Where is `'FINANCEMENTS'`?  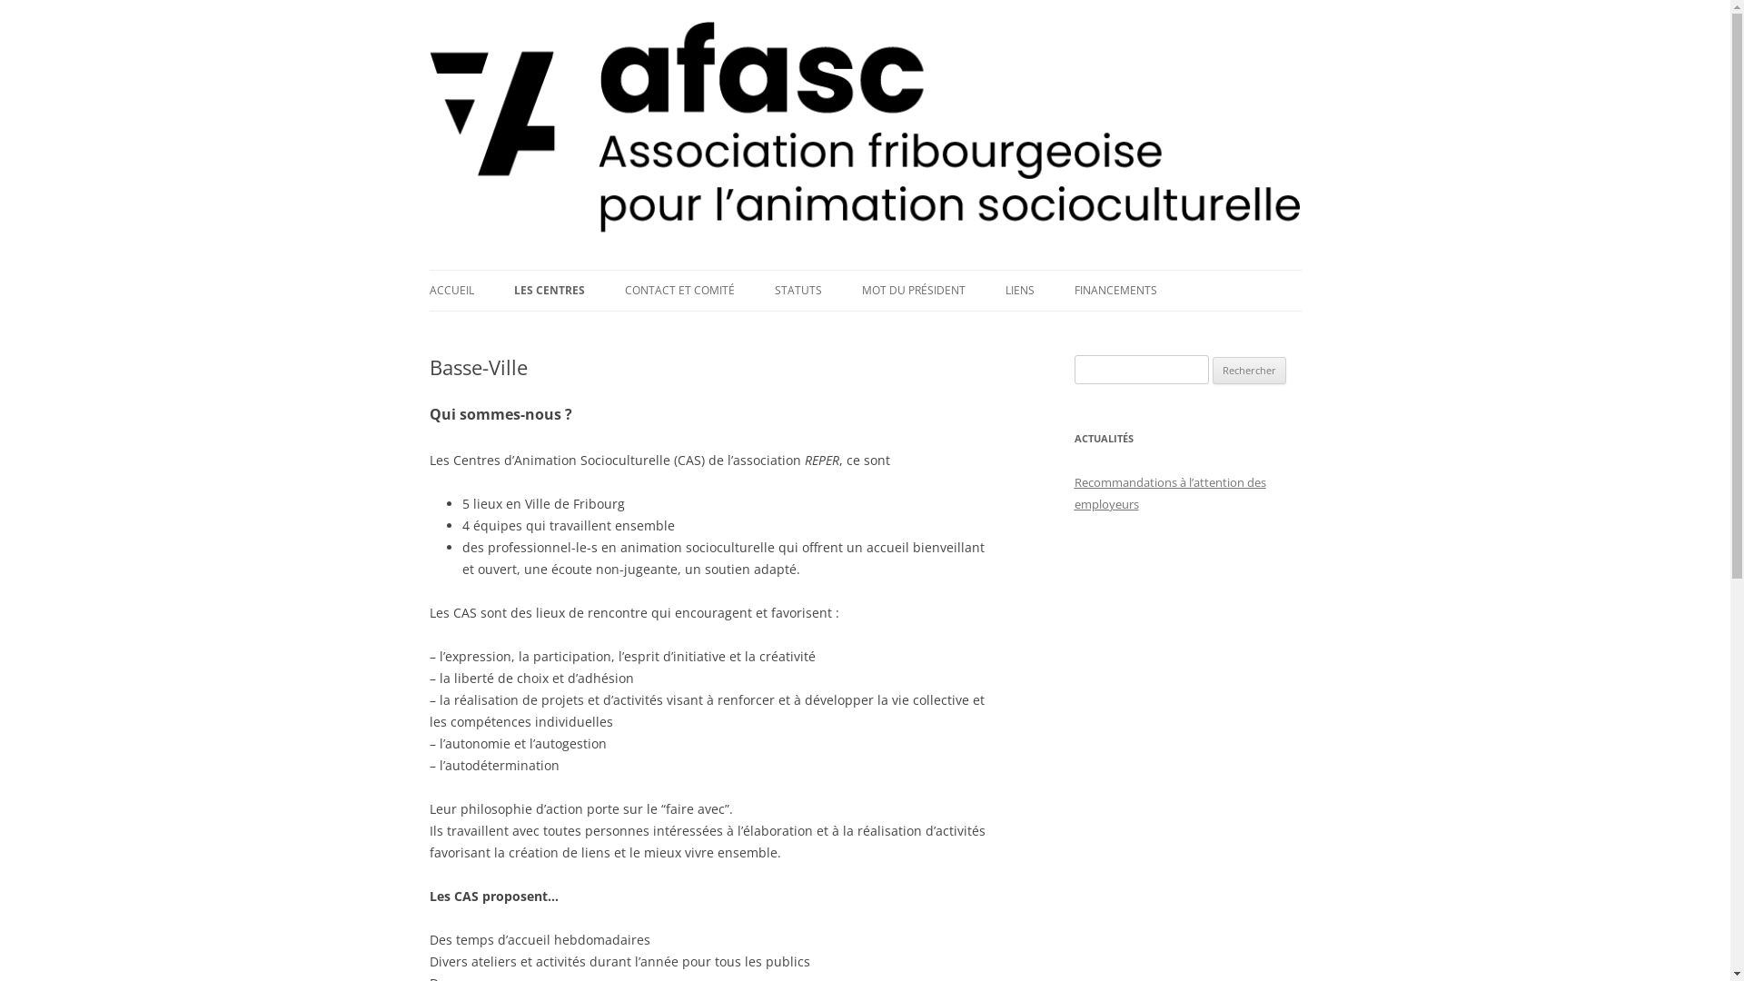
'FINANCEMENTS' is located at coordinates (1114, 290).